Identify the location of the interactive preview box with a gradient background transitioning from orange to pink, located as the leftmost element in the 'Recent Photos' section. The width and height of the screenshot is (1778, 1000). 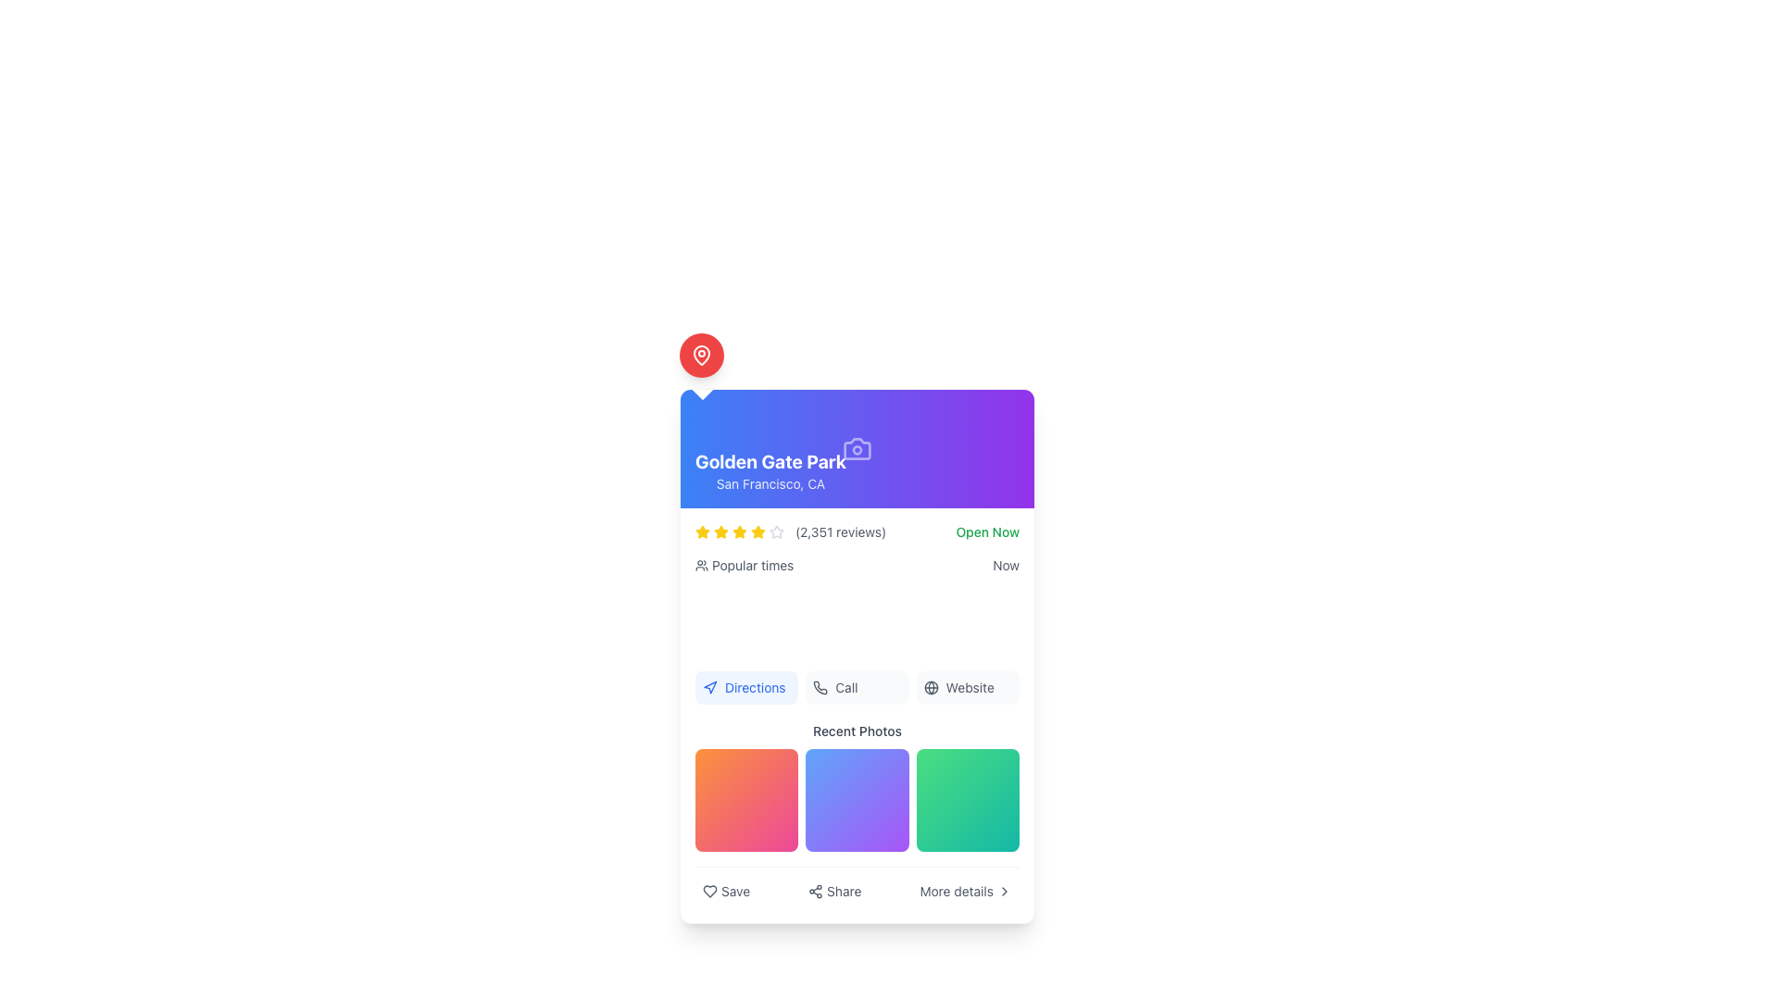
(746, 799).